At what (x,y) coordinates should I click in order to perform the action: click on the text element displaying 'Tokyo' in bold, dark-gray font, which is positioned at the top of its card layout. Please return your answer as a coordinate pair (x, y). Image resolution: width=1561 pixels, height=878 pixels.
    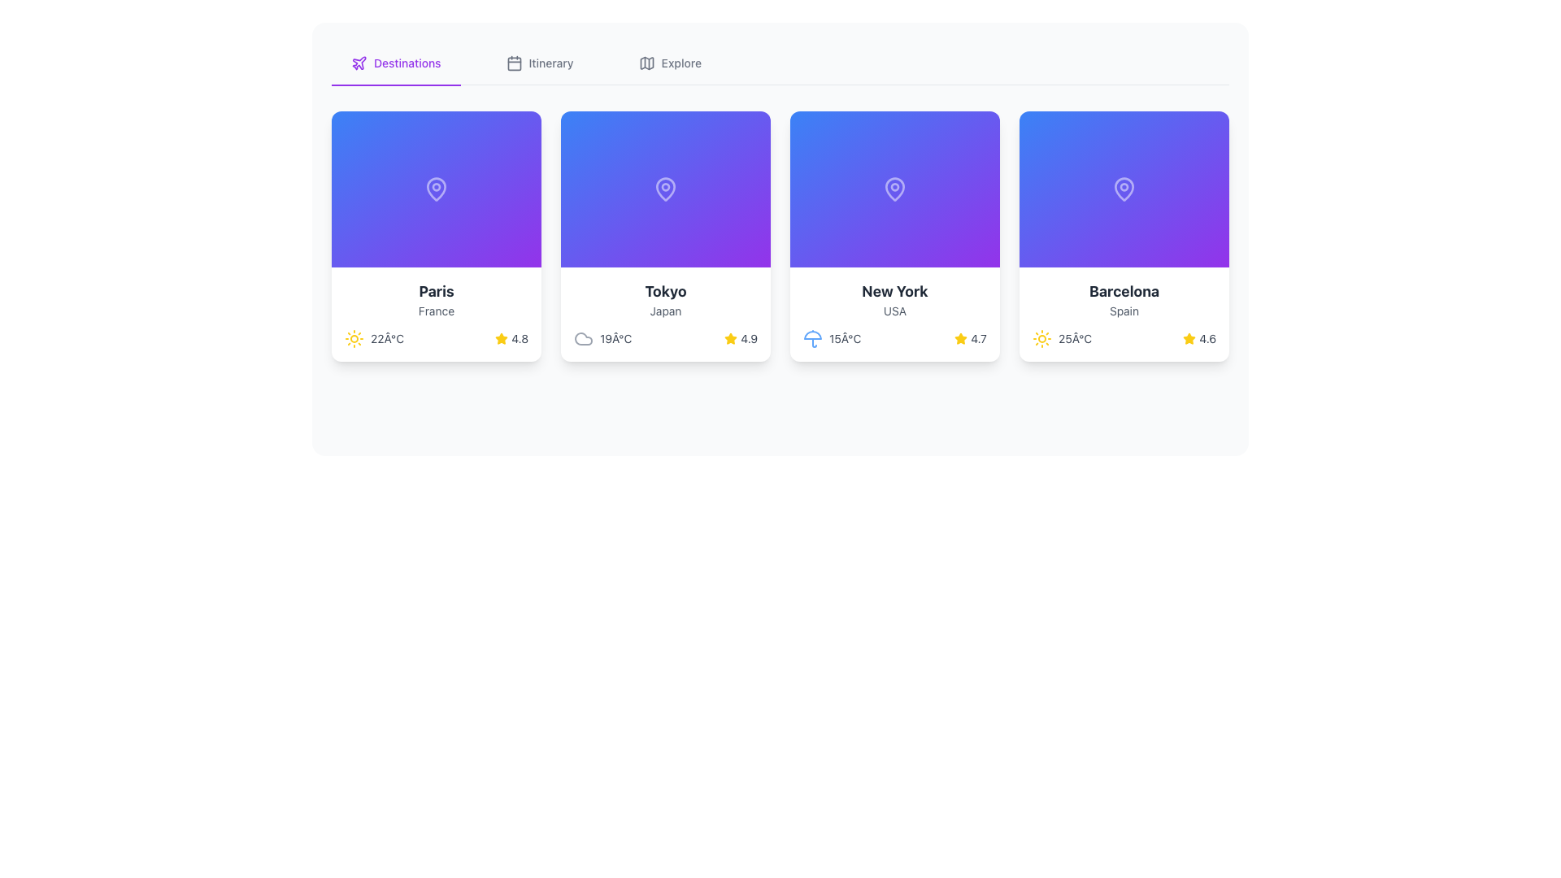
    Looking at the image, I should click on (666, 290).